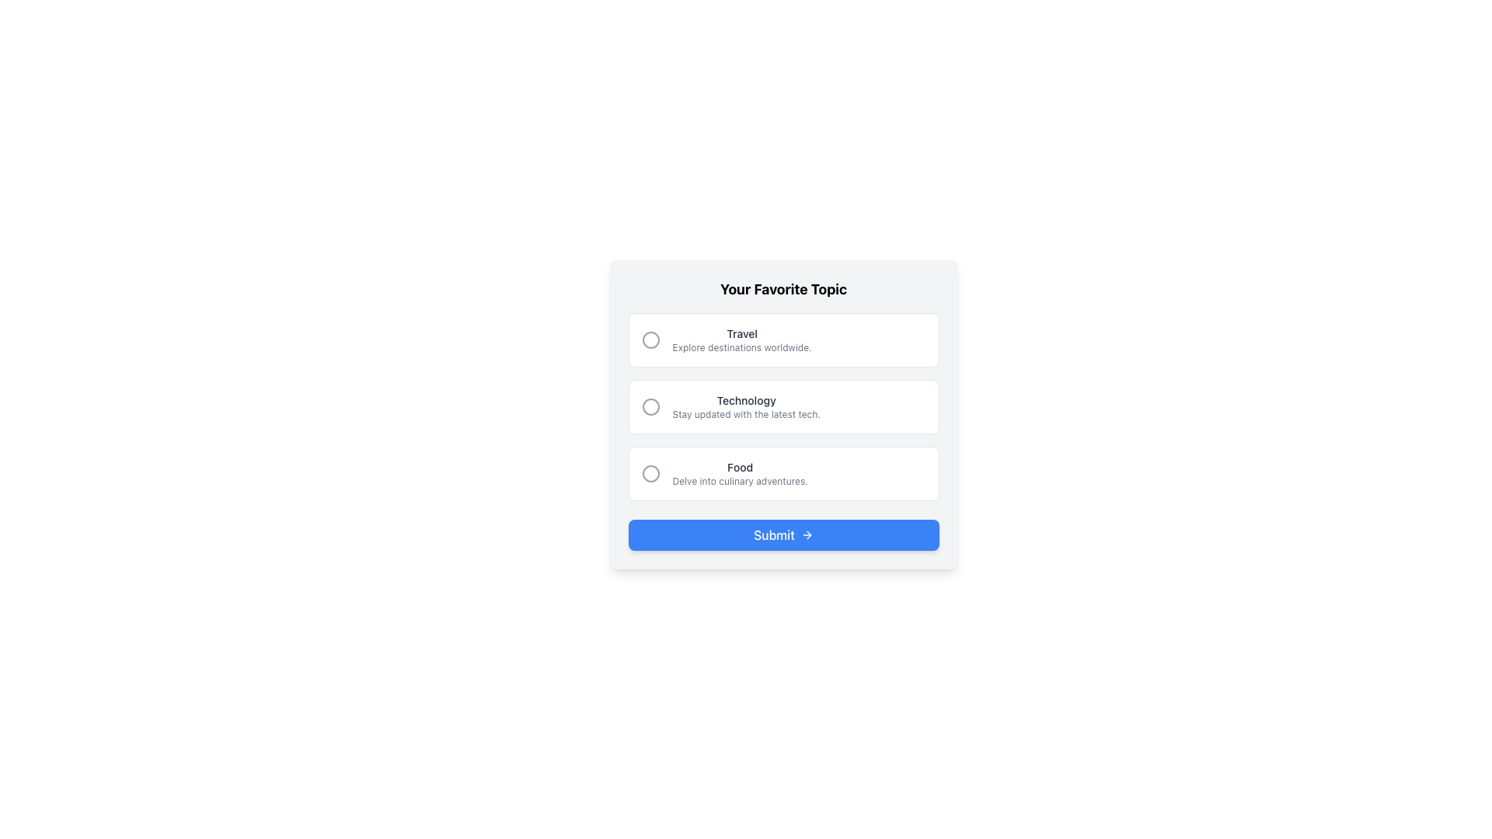  I want to click on the Text Description element in the first row of the vertical list under 'Your Favorite Topic', which describes one of the selectable options, so click(741, 339).